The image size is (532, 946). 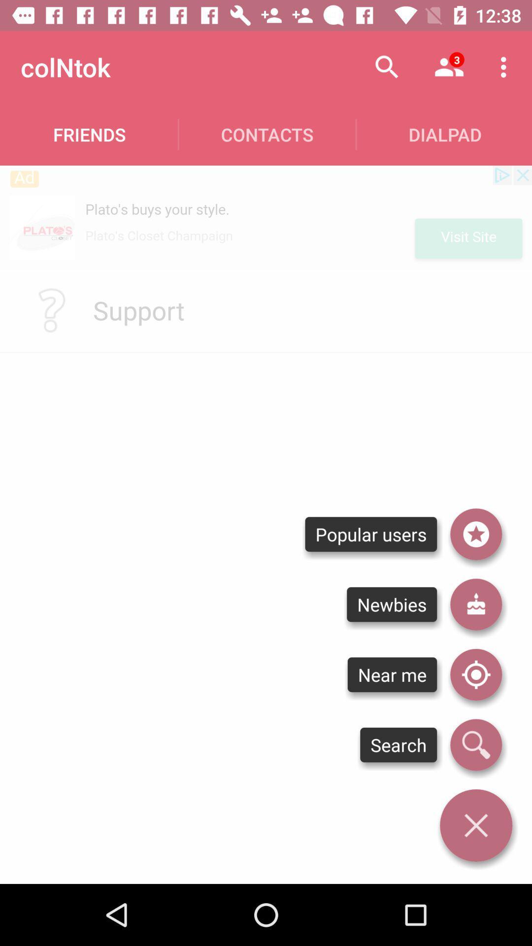 What do you see at coordinates (506, 67) in the screenshot?
I see `the icon above the dialpad item` at bounding box center [506, 67].